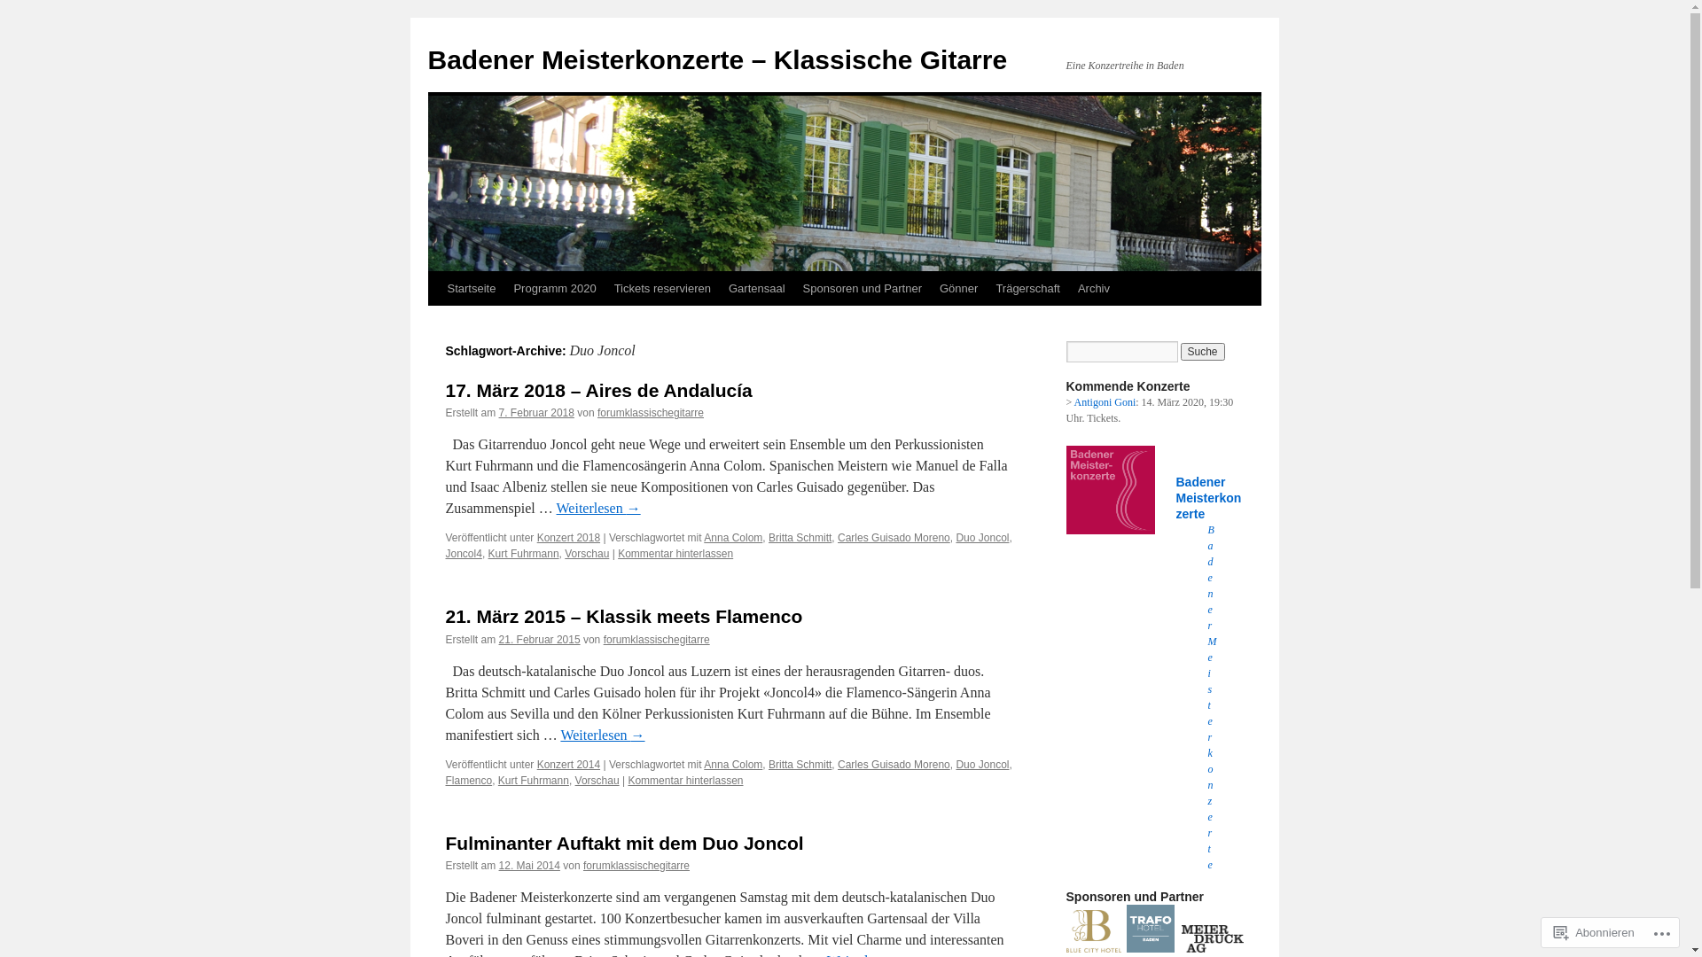 The image size is (1702, 957). I want to click on 'Startseite', so click(471, 288).